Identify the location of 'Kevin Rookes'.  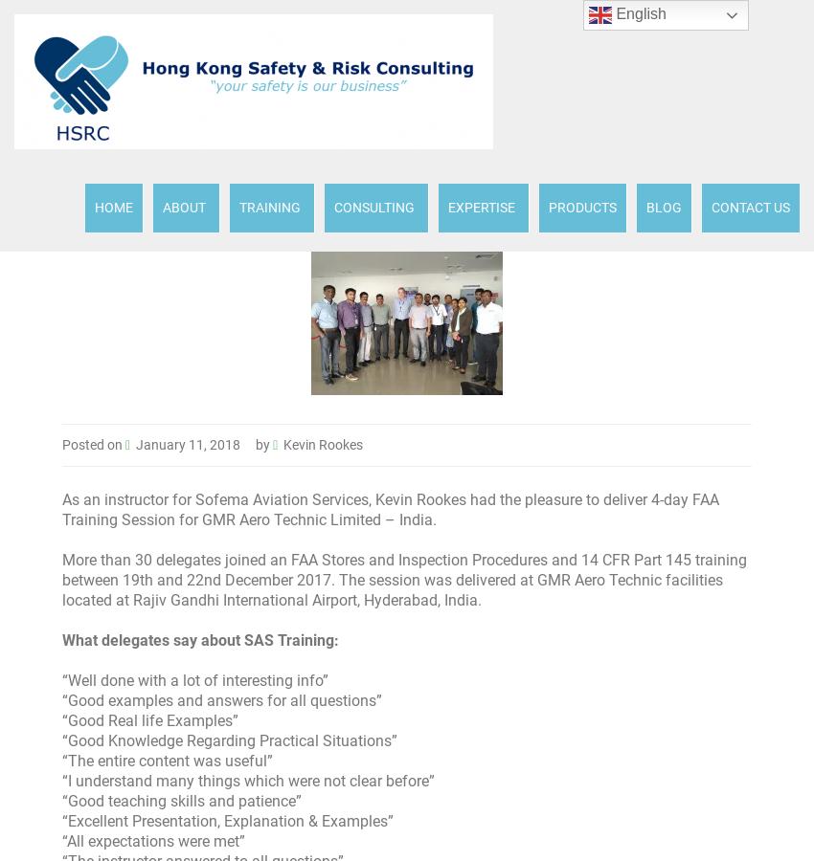
(282, 444).